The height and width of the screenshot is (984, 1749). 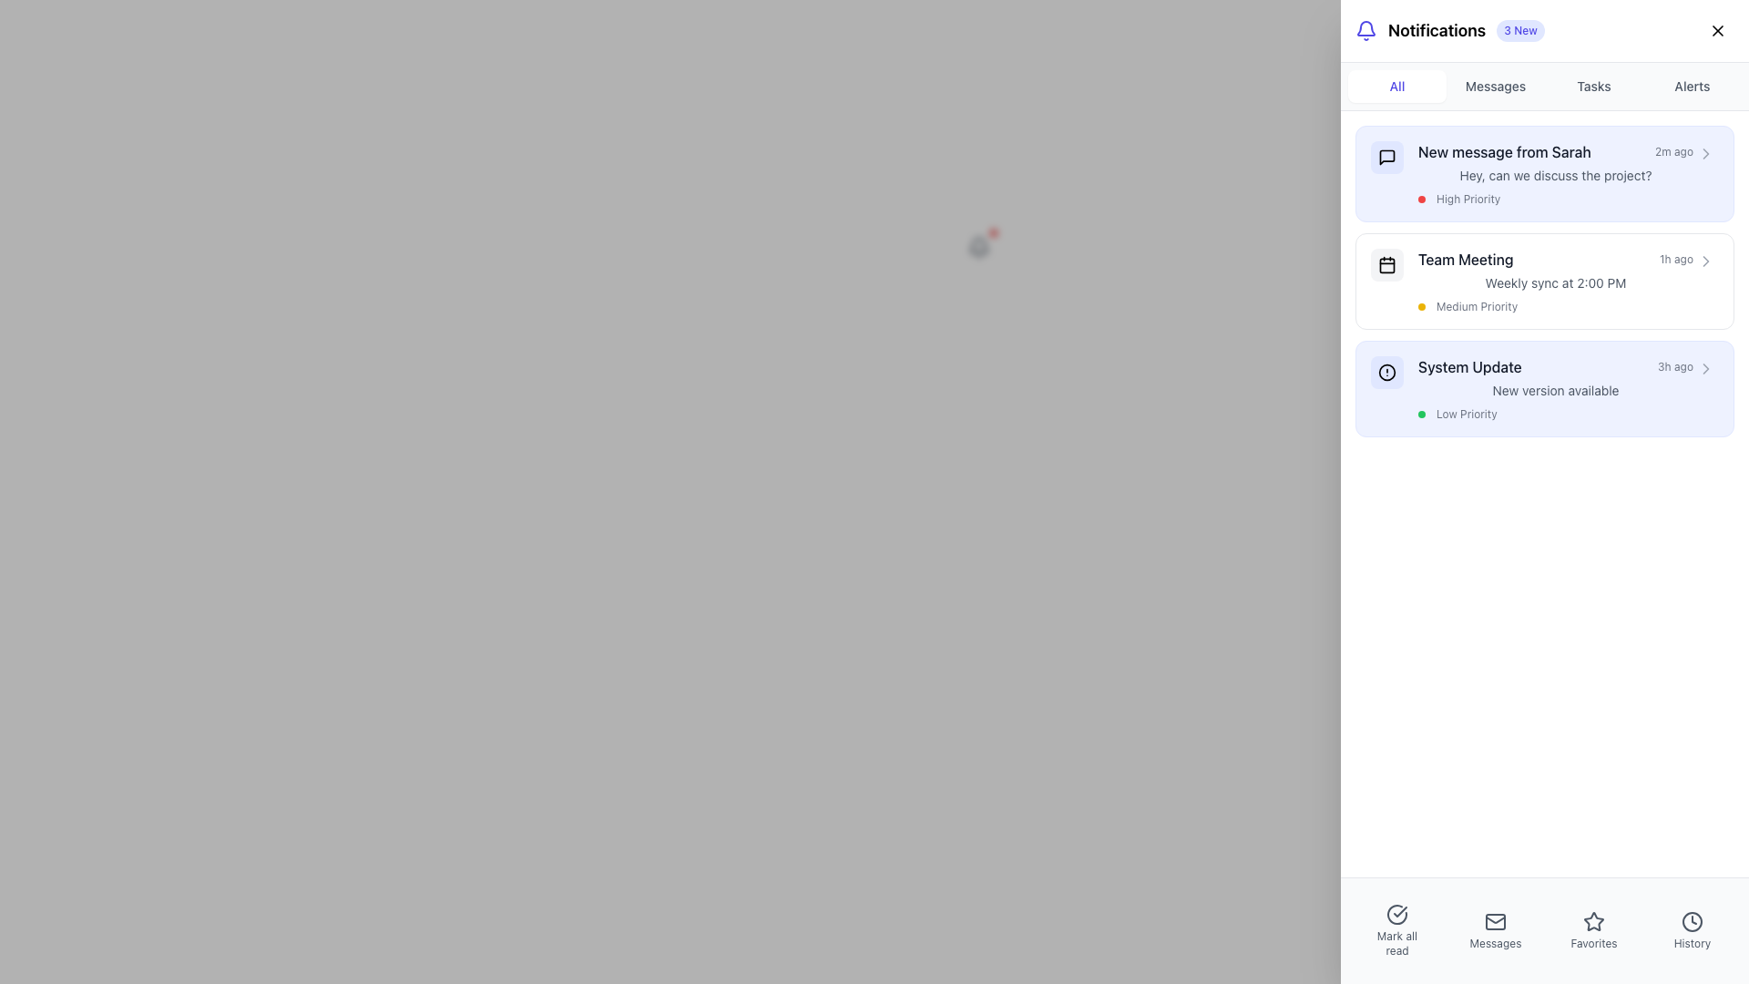 I want to click on the text label that indicates the time elapsed since the notification was received, positioned in the upper-right corner of the notification block next to 'New message from Sarah', so click(x=1674, y=150).